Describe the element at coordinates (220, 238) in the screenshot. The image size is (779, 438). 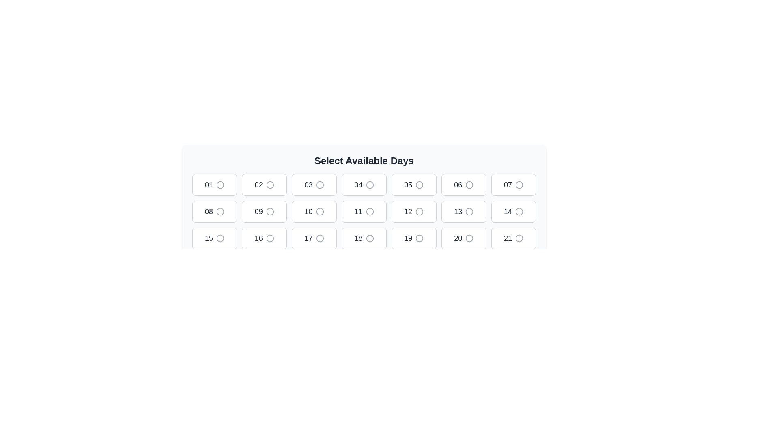
I see `the circular graphical component within the interactive button representing the choice for the day '15' in the third row, first column of the layout` at that location.